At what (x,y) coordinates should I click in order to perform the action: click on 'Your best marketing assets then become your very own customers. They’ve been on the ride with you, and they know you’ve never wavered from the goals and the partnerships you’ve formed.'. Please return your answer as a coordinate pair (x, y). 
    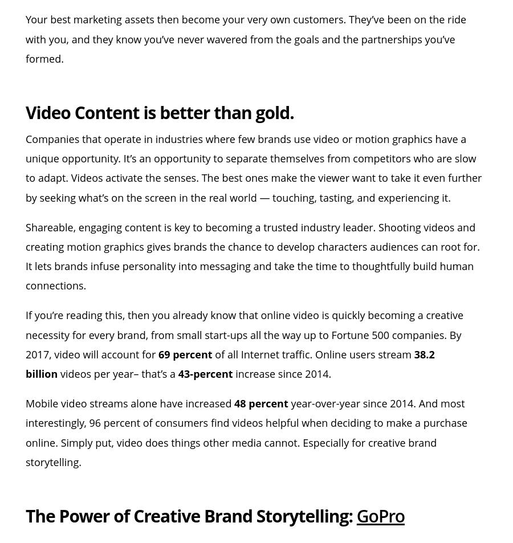
    Looking at the image, I should click on (25, 38).